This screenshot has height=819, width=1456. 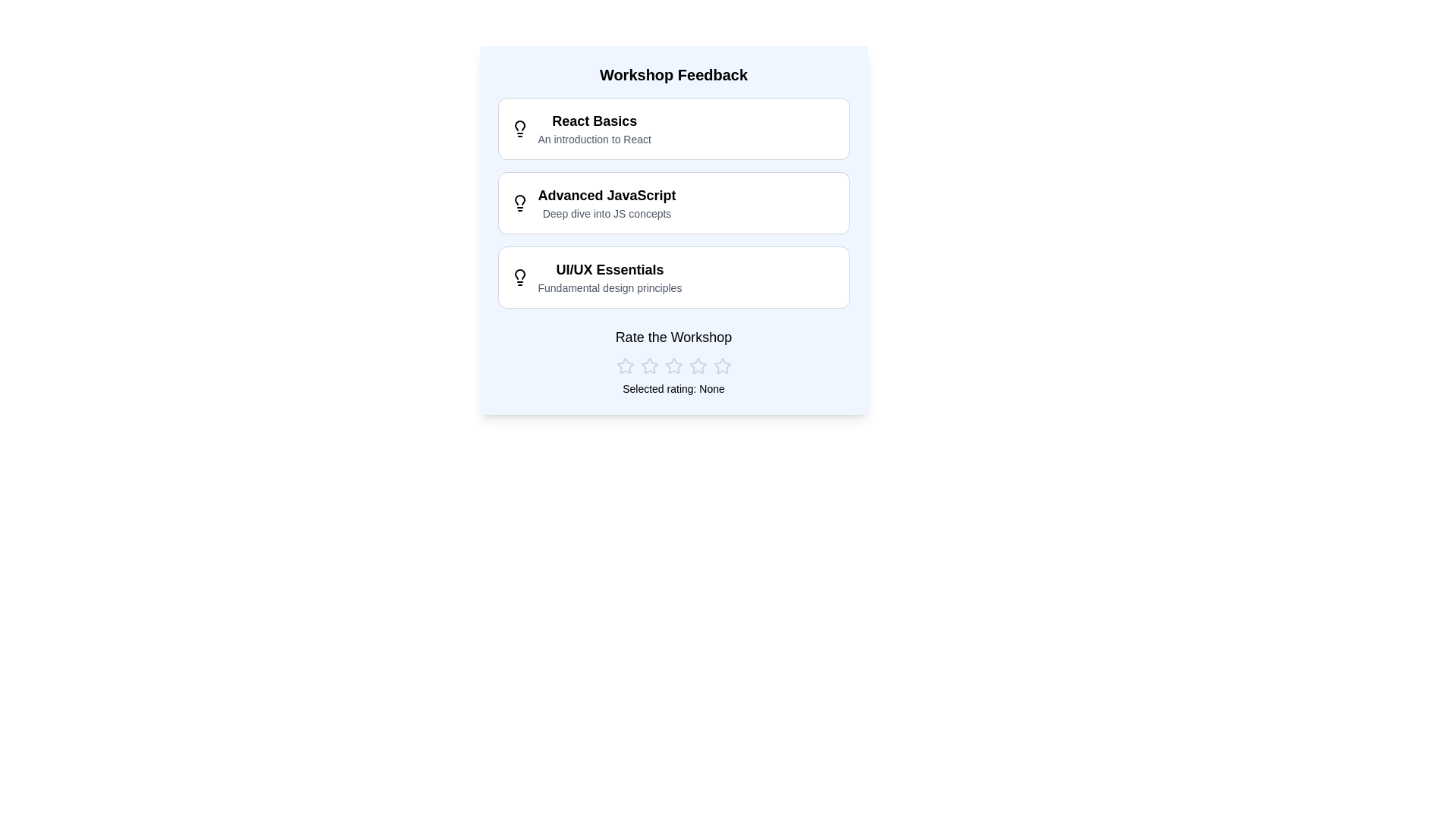 I want to click on descriptive text within the card layout that summarizes the workshop 'UI/UX Essentials', which is the third entry in a vertical list of three similar items, so click(x=673, y=278).